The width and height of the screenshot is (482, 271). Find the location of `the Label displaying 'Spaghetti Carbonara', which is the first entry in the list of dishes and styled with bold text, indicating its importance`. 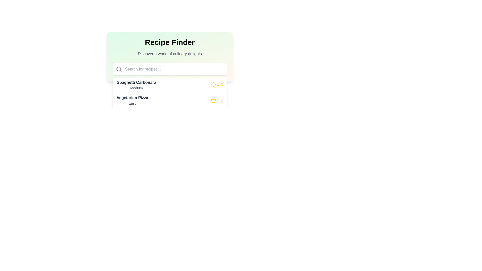

the Label displaying 'Spaghetti Carbonara', which is the first entry in the list of dishes and styled with bold text, indicating its importance is located at coordinates (136, 82).